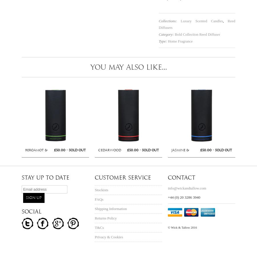  Describe the element at coordinates (109, 237) in the screenshot. I see `'Privacy & Cookies'` at that location.